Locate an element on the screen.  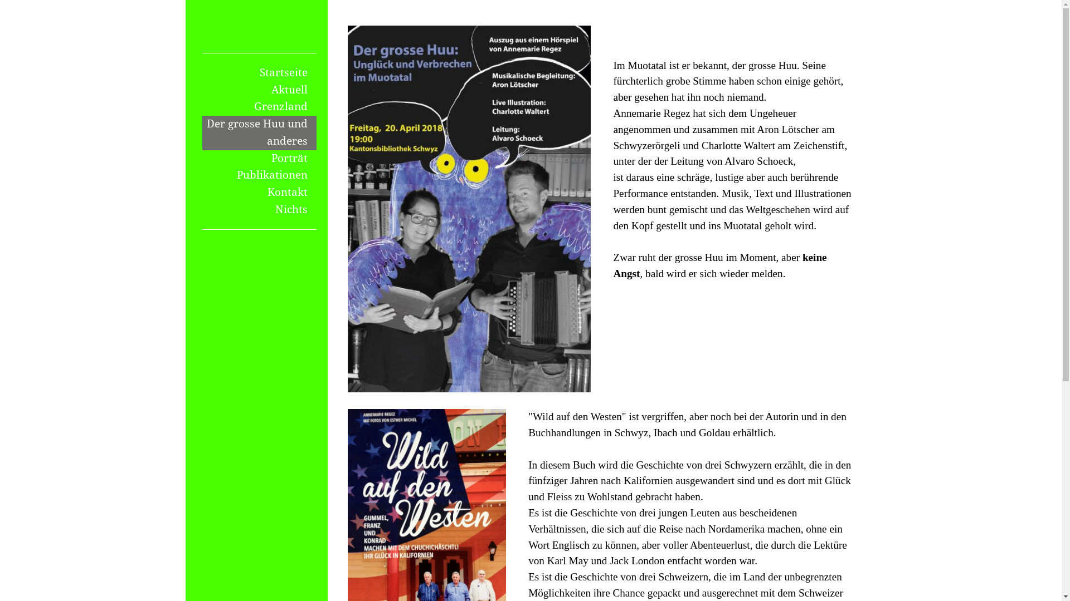
'Kontakt' is located at coordinates (201, 192).